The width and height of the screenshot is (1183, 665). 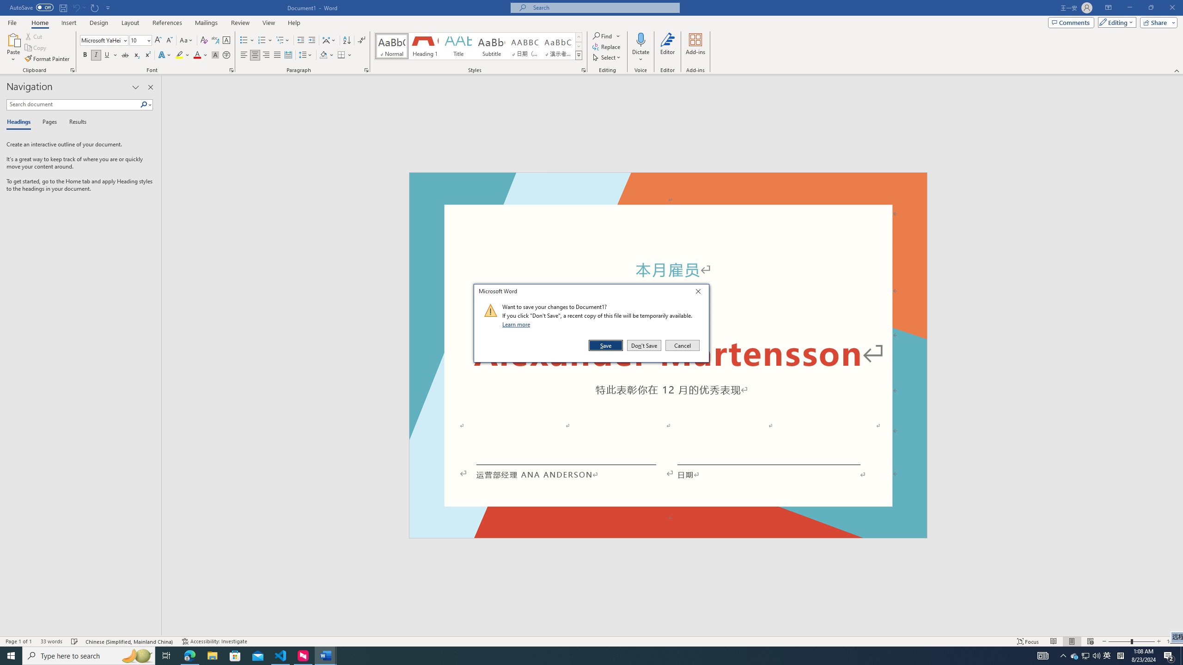 I want to click on 'Heading 1', so click(x=424, y=46).